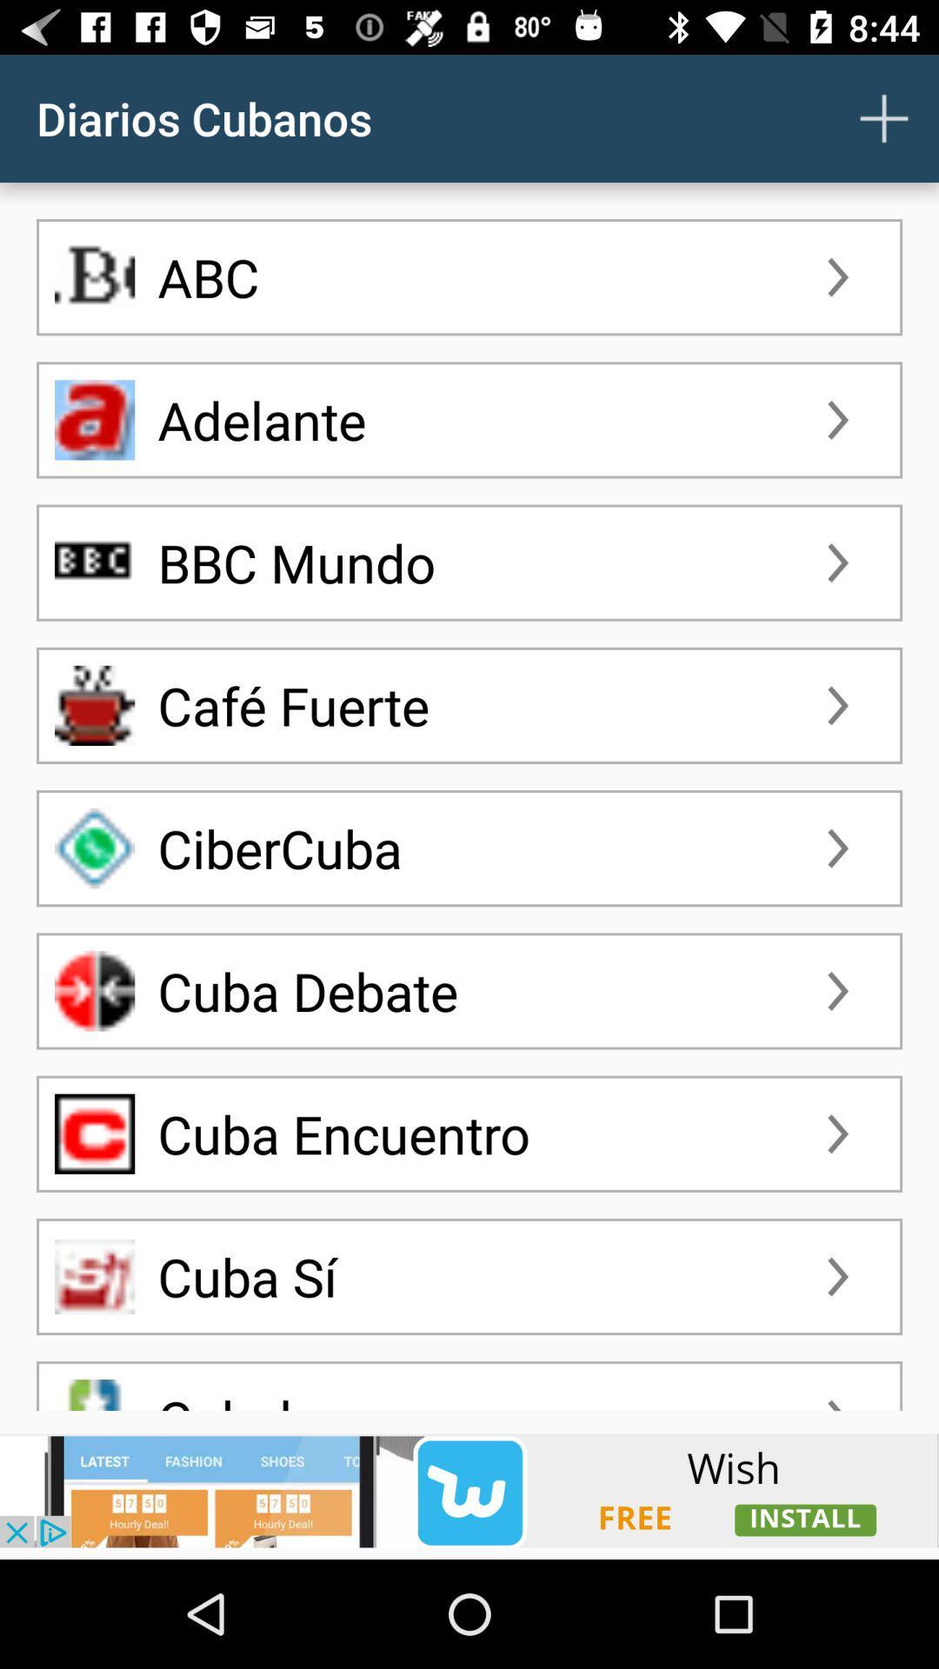 The image size is (939, 1669). What do you see at coordinates (884, 117) in the screenshot?
I see `open menu` at bounding box center [884, 117].